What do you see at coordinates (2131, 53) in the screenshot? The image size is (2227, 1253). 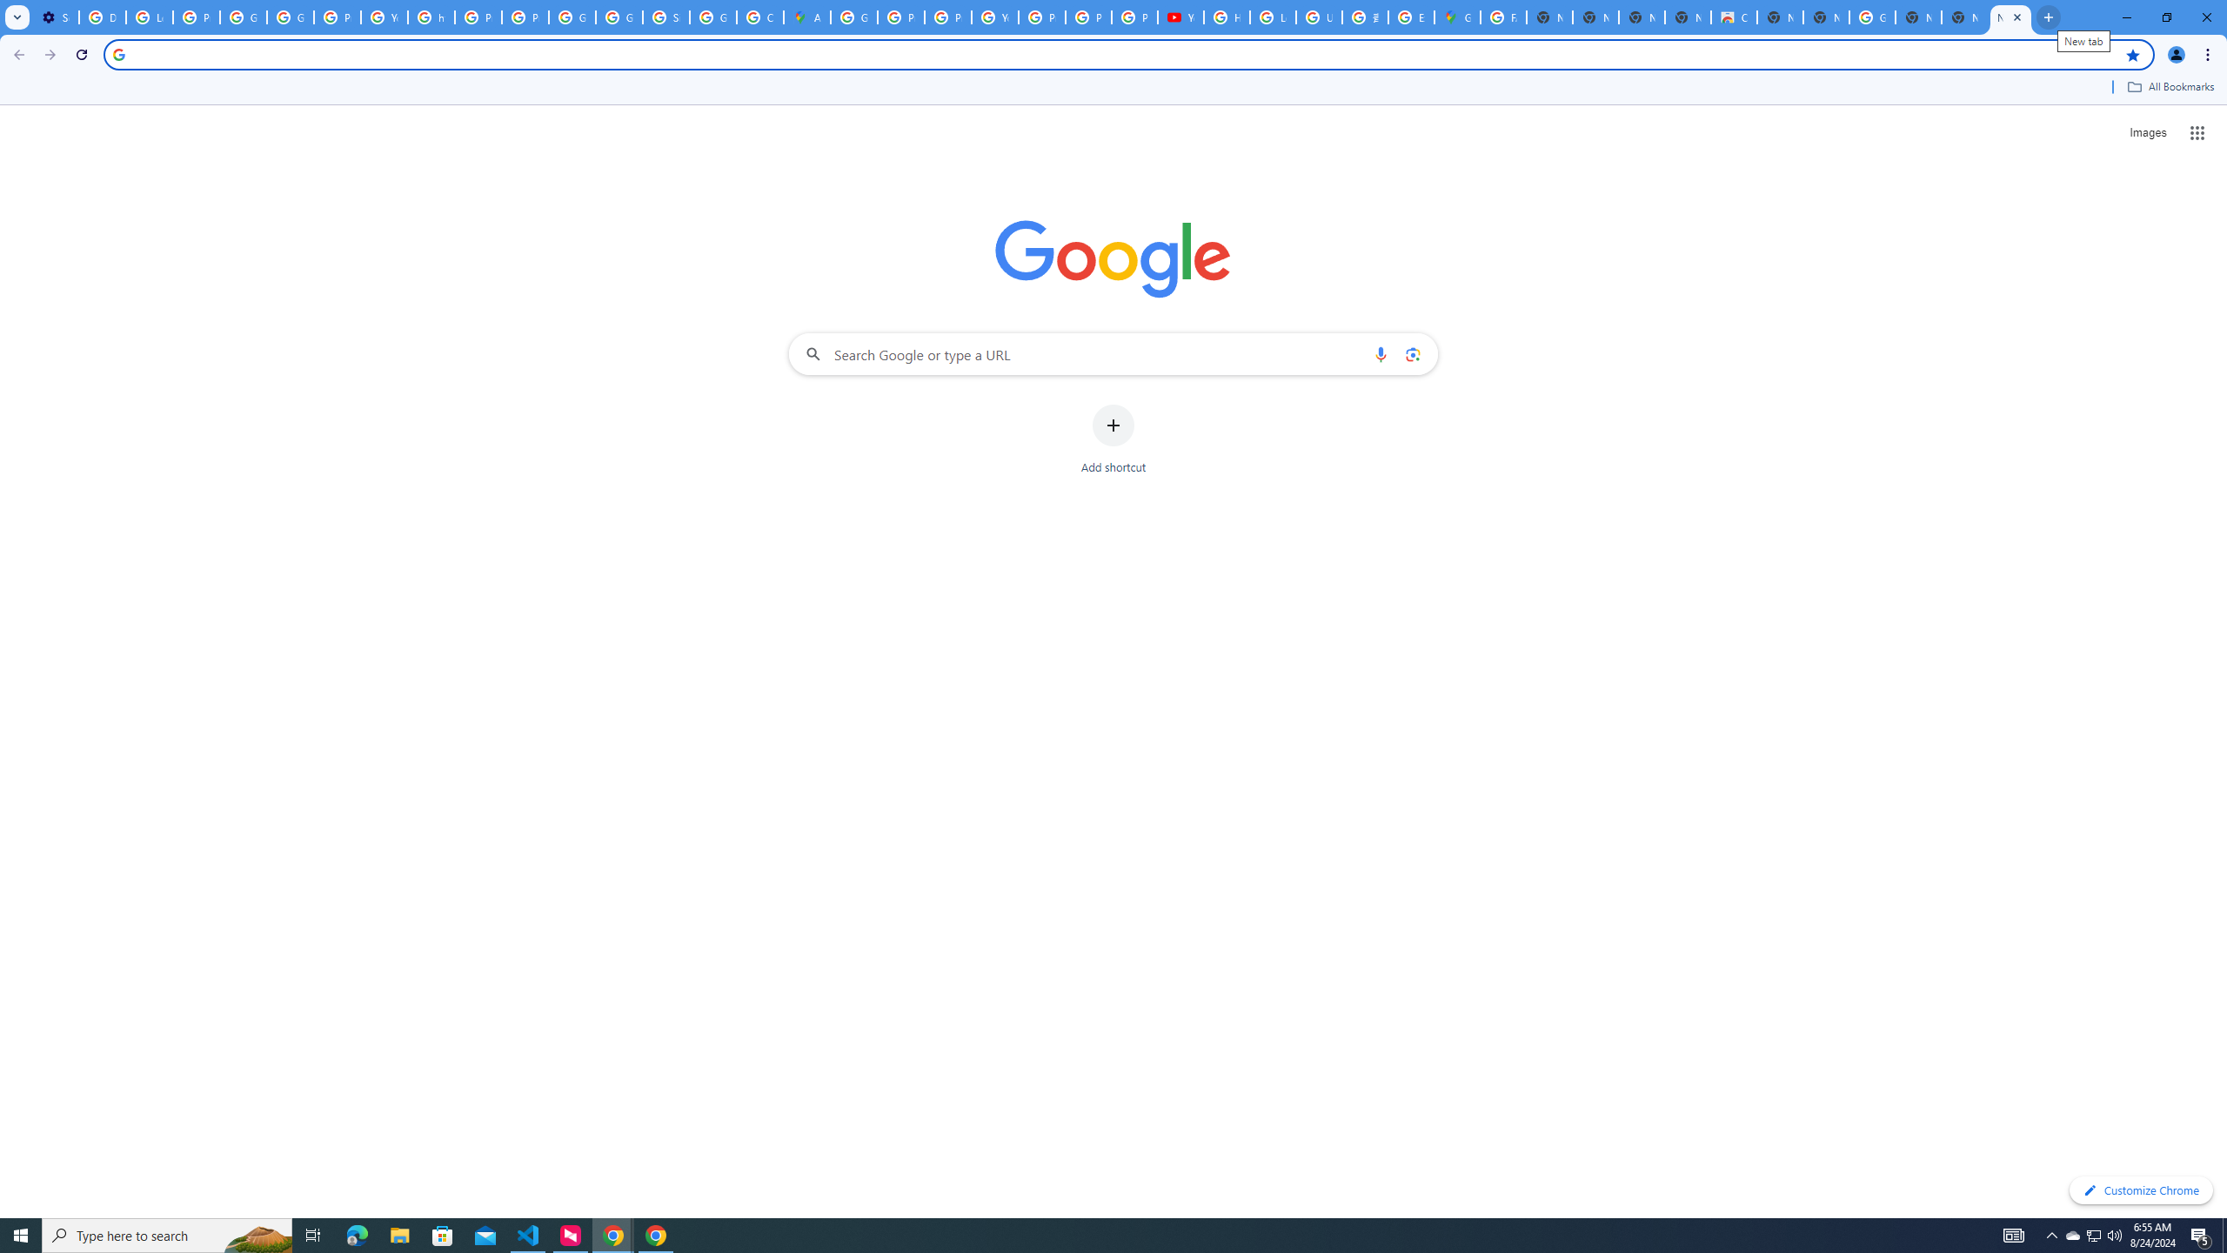 I see `'Bookmark this tab'` at bounding box center [2131, 53].